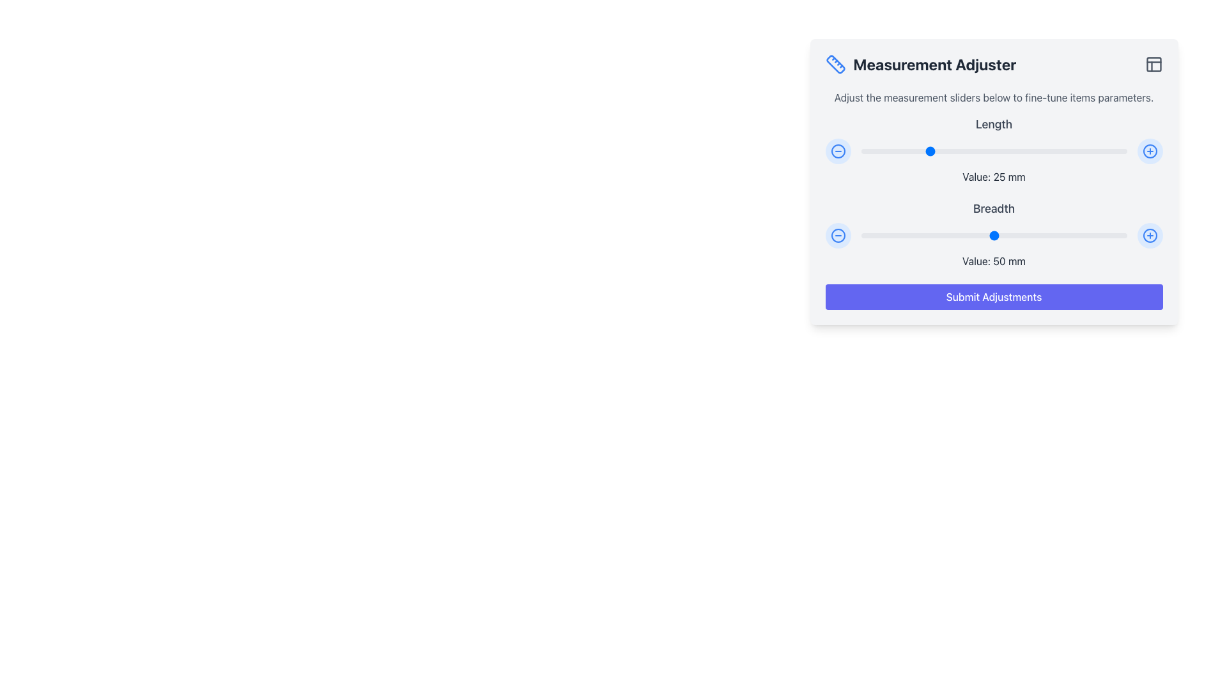  What do you see at coordinates (932, 150) in the screenshot?
I see `the length` at bounding box center [932, 150].